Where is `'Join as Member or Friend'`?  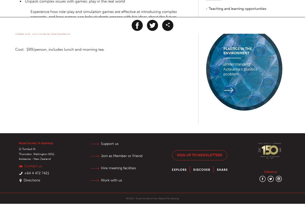 'Join as Member or Friend' is located at coordinates (101, 155).